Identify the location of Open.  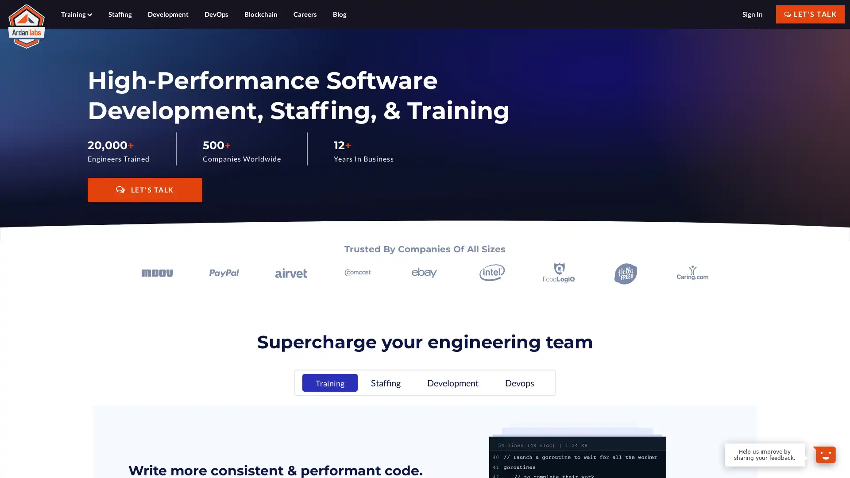
(823, 454).